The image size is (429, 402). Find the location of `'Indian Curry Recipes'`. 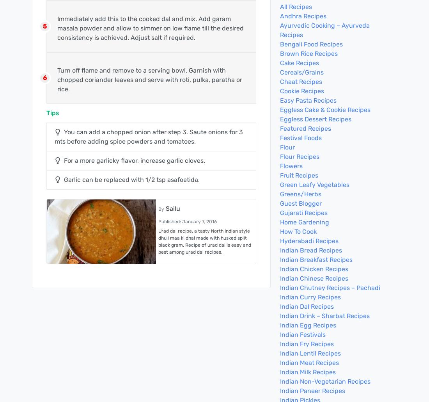

'Indian Curry Recipes' is located at coordinates (310, 297).